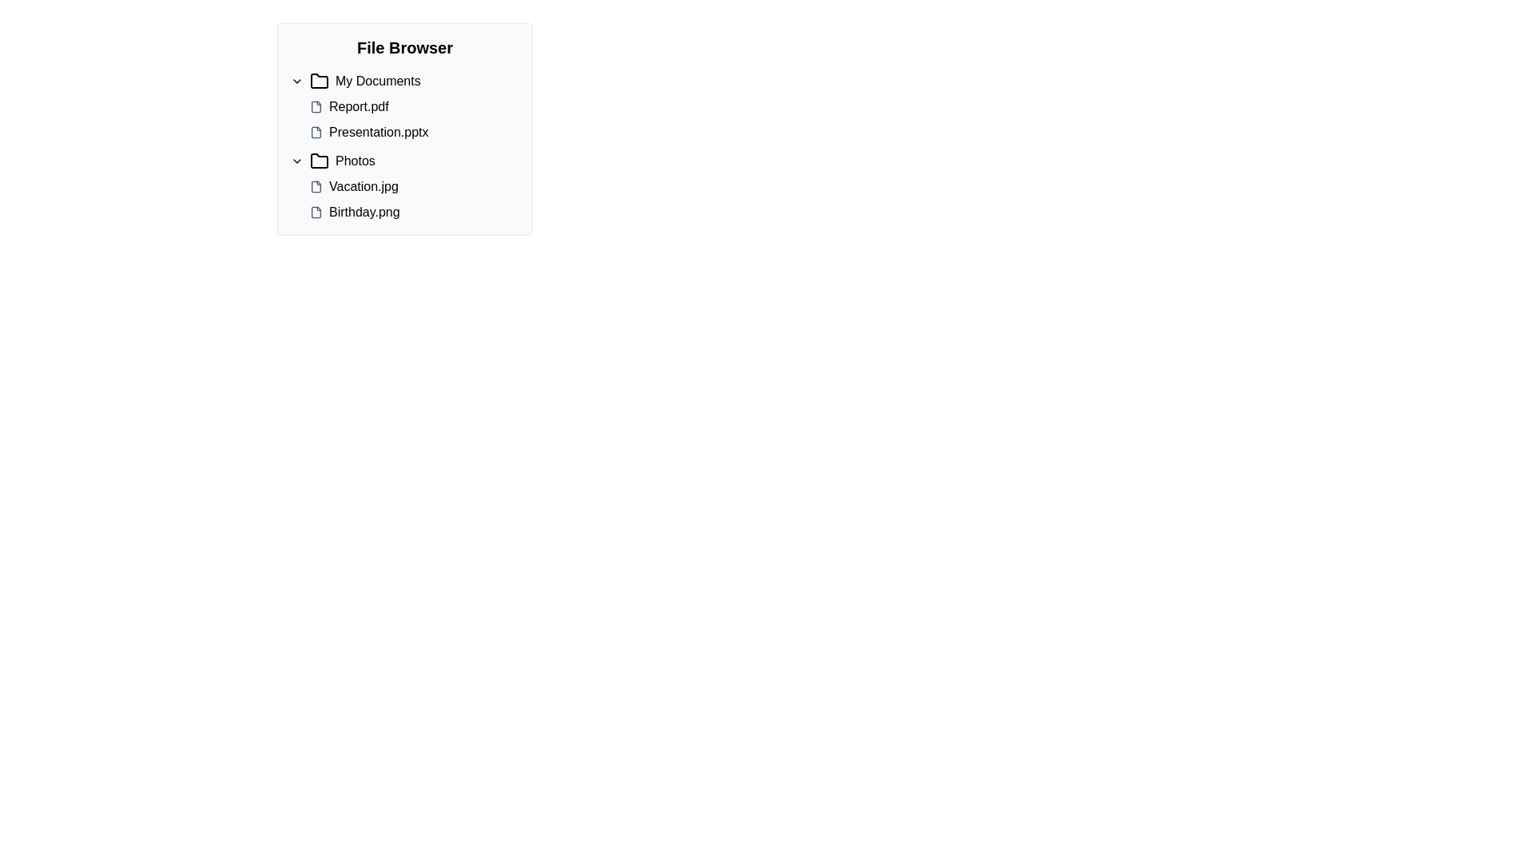  Describe the element at coordinates (297, 81) in the screenshot. I see `the Dropdown indicator or chevron-down icon` at that location.